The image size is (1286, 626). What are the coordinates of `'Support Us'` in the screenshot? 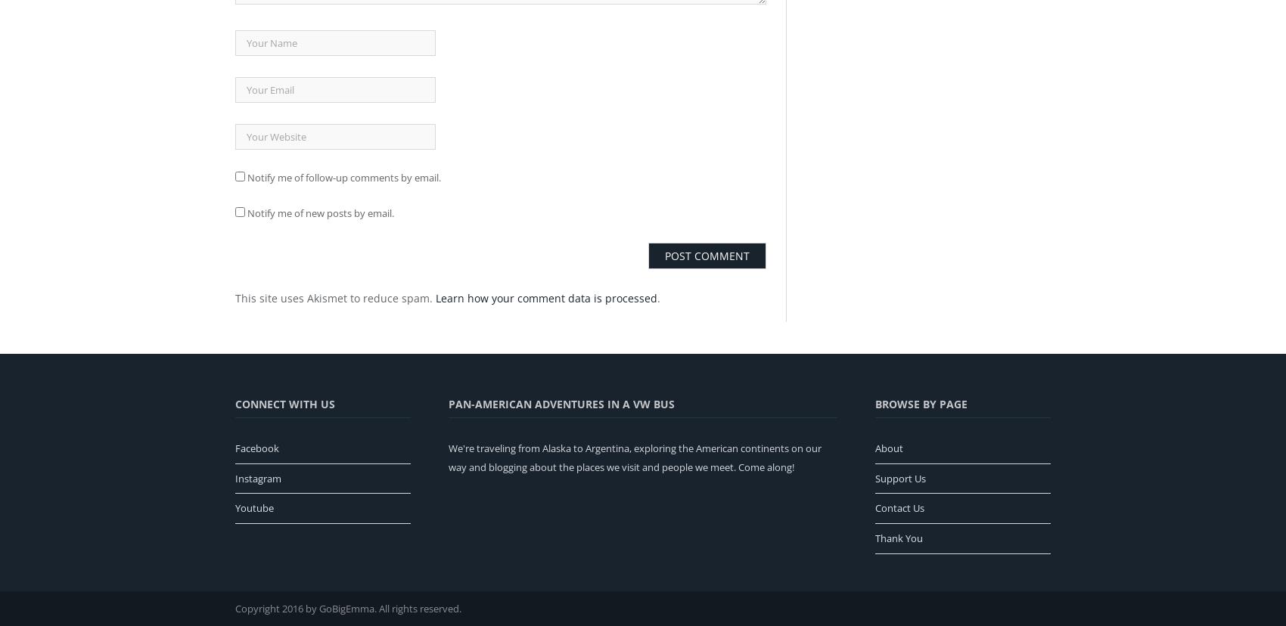 It's located at (899, 478).